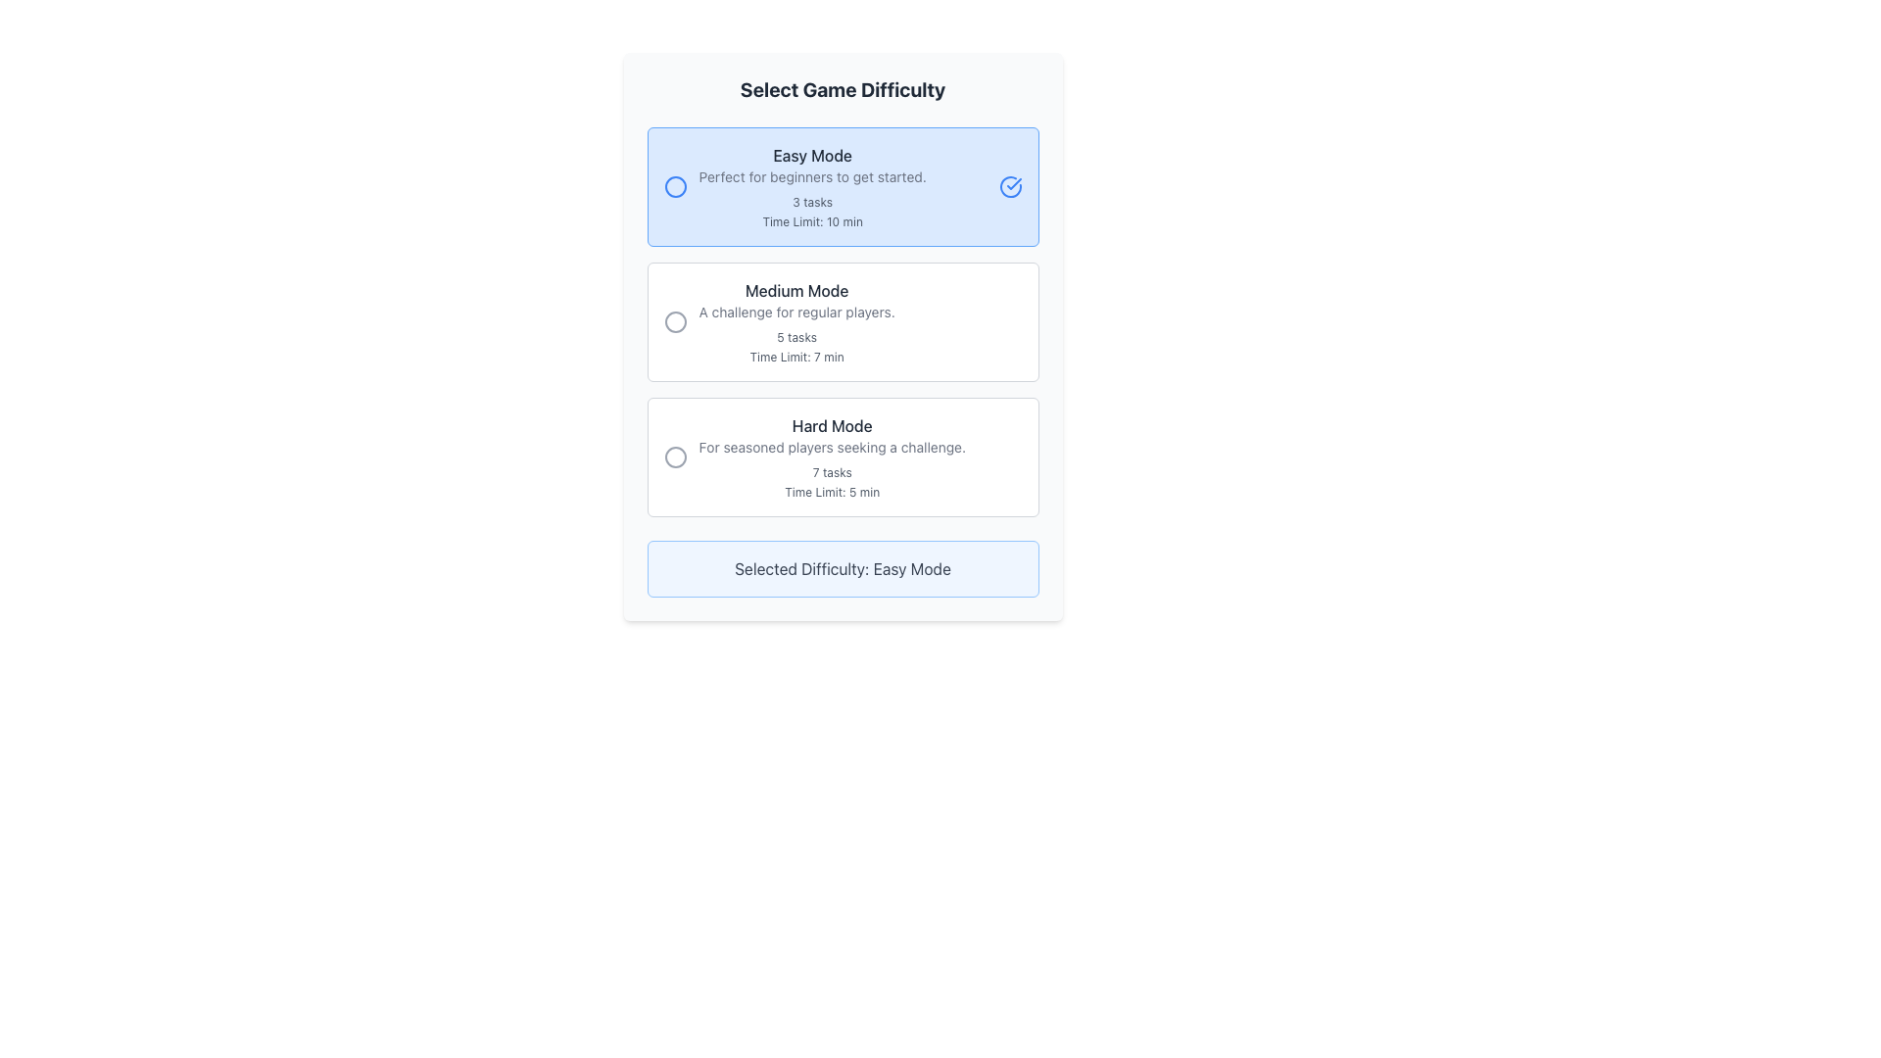 The width and height of the screenshot is (1881, 1058). Describe the element at coordinates (796, 346) in the screenshot. I see `the informational Text label that displays details about the number of tasks and time limit for 'Medium Mode', located between Easy Mode and Hard Mode options` at that location.